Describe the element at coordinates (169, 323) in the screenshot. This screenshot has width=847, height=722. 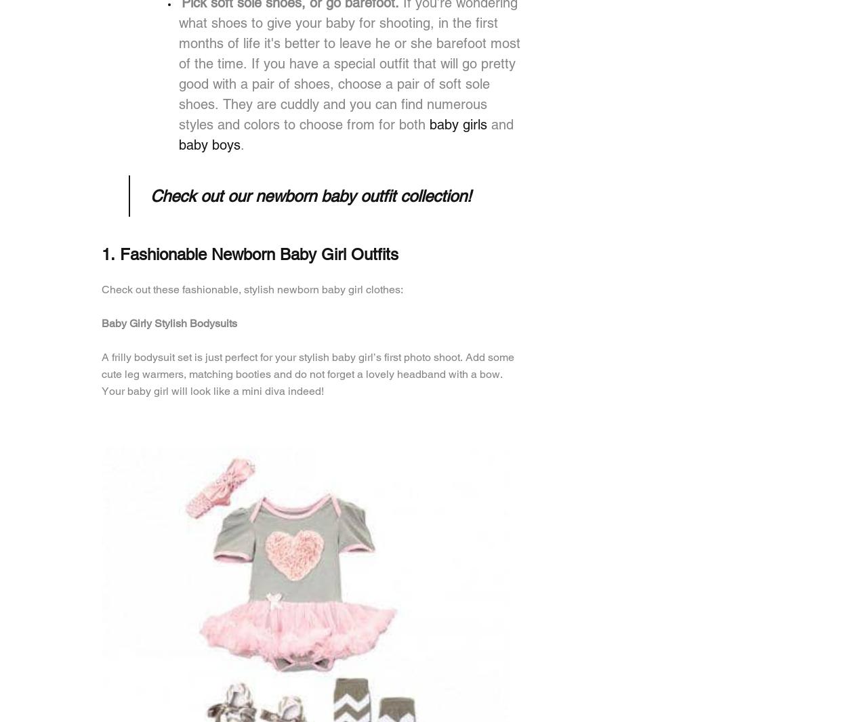
I see `'Baby Girly Stylish Bodysuits'` at that location.